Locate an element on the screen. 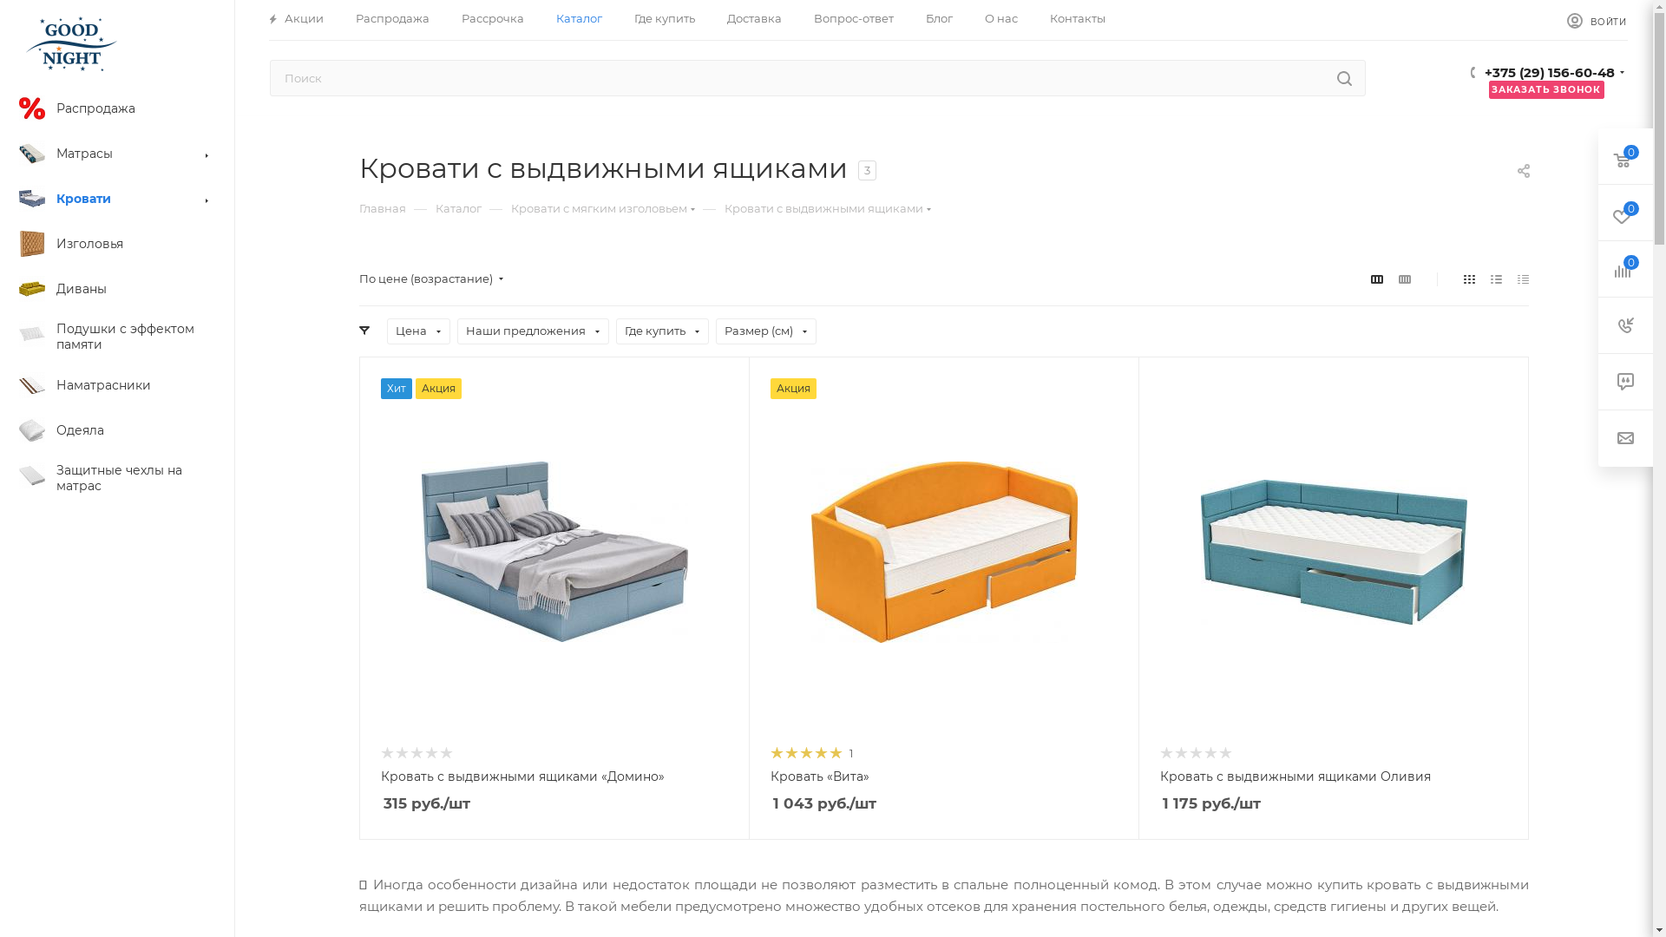  '+375 (29) 156-60-48' is located at coordinates (1549, 74).